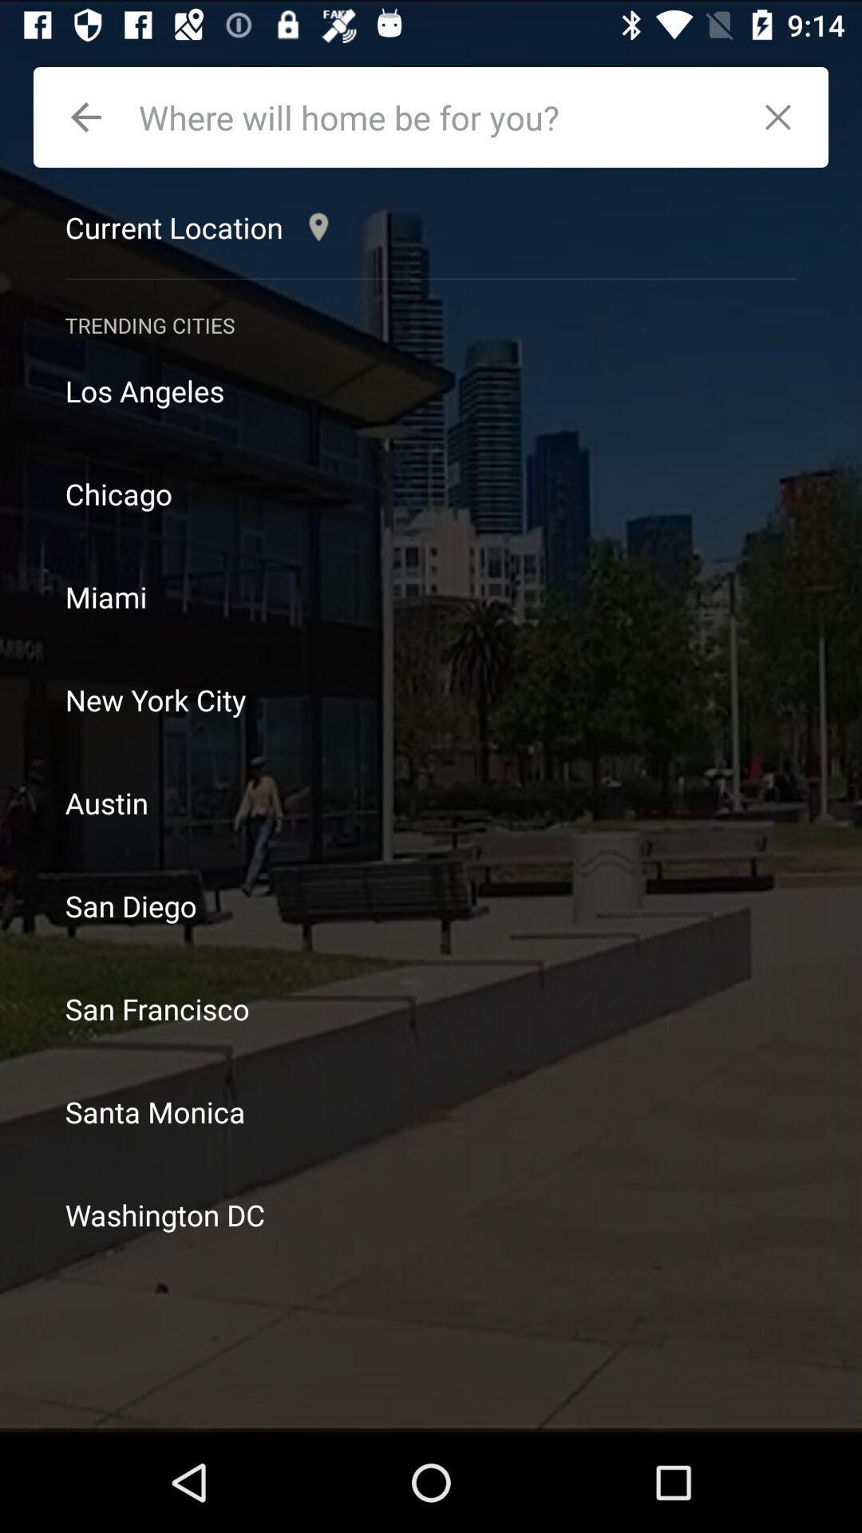 This screenshot has width=862, height=1533. Describe the element at coordinates (431, 802) in the screenshot. I see `item above the san diego item` at that location.